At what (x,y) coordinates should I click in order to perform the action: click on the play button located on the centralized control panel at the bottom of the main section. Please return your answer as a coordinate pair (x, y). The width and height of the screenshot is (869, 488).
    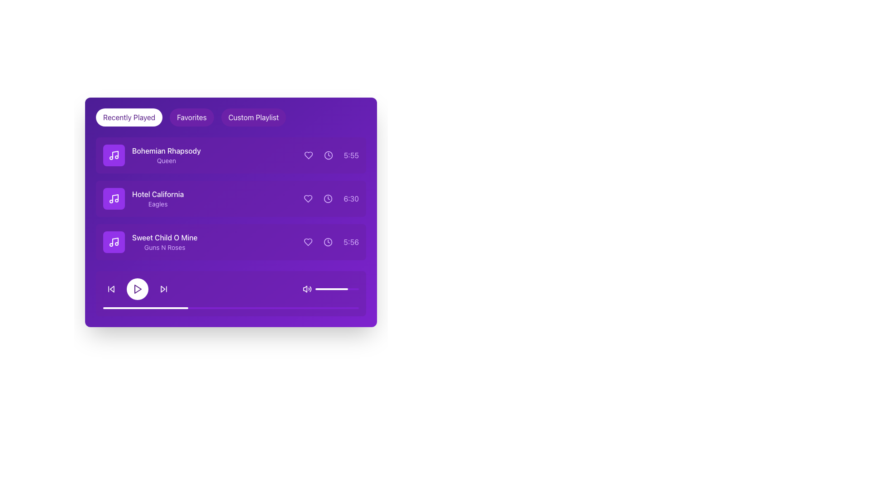
    Looking at the image, I should click on (231, 289).